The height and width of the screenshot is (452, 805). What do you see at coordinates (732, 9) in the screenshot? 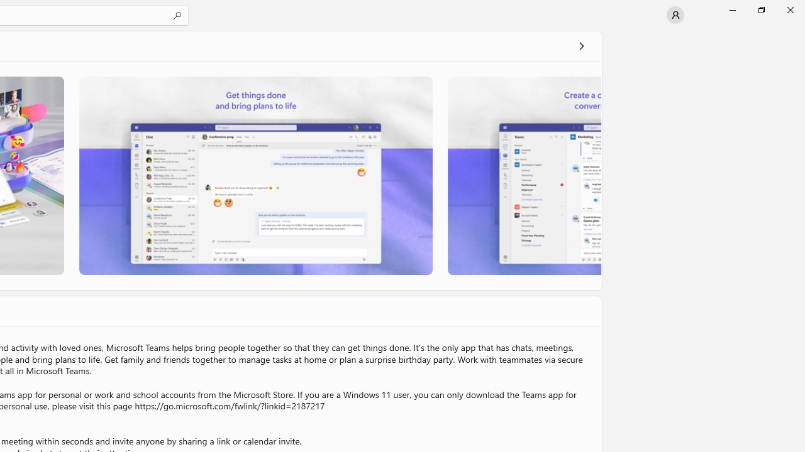
I see `'Minimize Microsoft Store'` at bounding box center [732, 9].